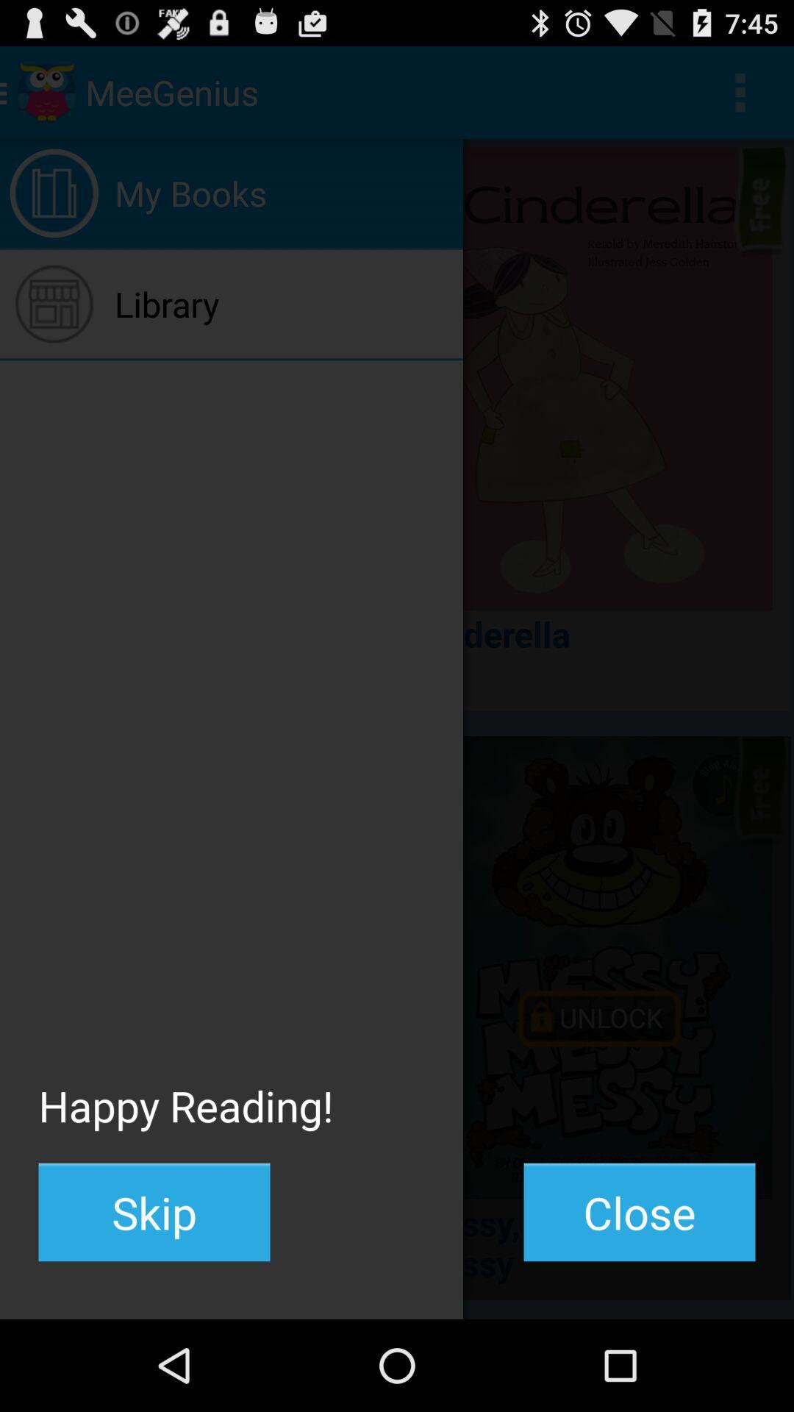  Describe the element at coordinates (154, 1212) in the screenshot. I see `the skip item` at that location.